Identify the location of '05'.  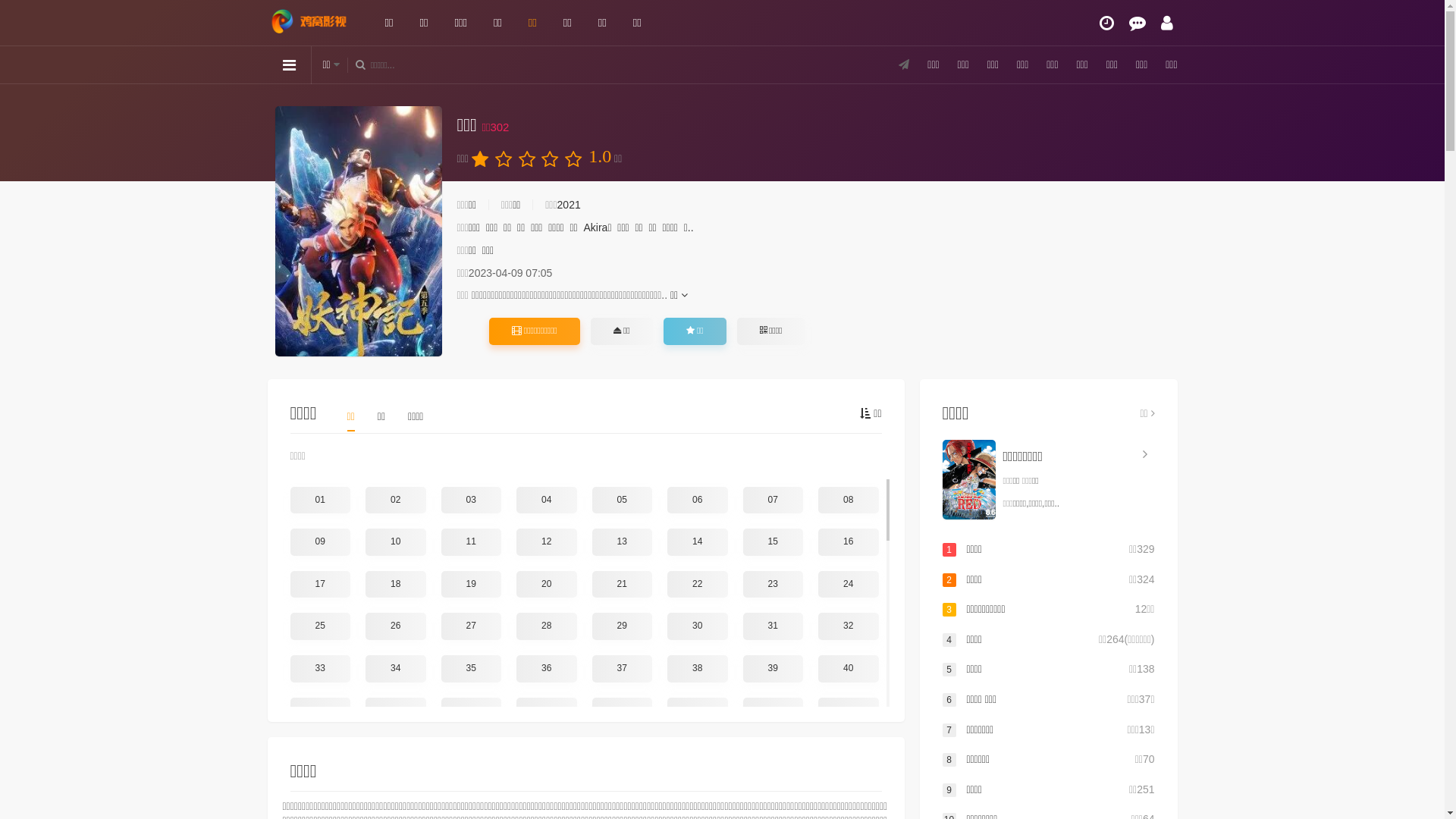
(622, 500).